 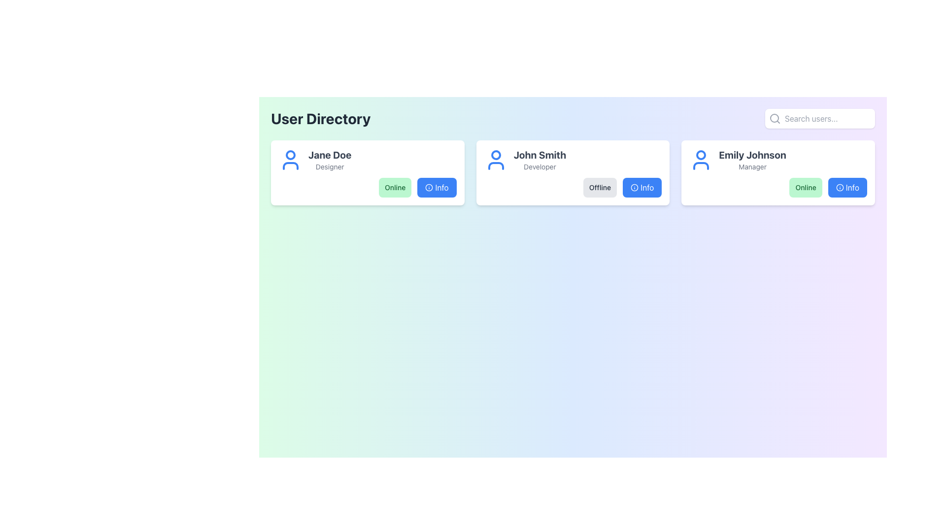 What do you see at coordinates (775, 118) in the screenshot?
I see `the search icon button located in the top-right corner of the interface` at bounding box center [775, 118].